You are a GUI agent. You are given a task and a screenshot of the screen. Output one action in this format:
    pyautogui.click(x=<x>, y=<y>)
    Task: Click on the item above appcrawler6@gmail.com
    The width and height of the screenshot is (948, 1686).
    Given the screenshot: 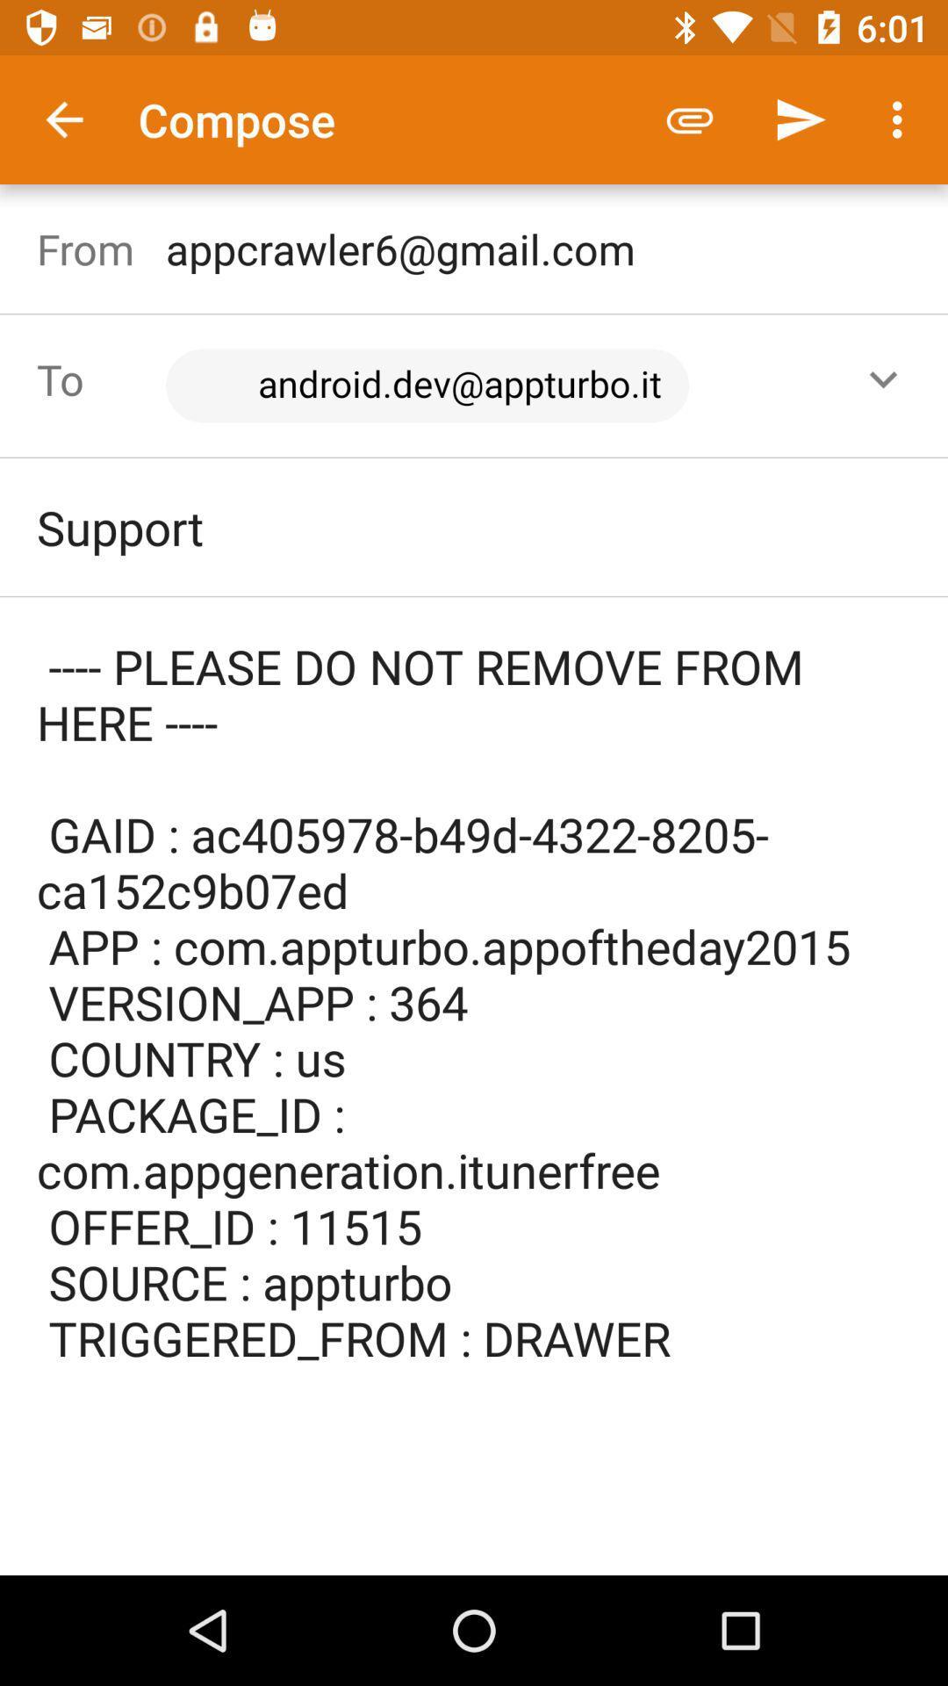 What is the action you would take?
    pyautogui.click(x=901, y=119)
    